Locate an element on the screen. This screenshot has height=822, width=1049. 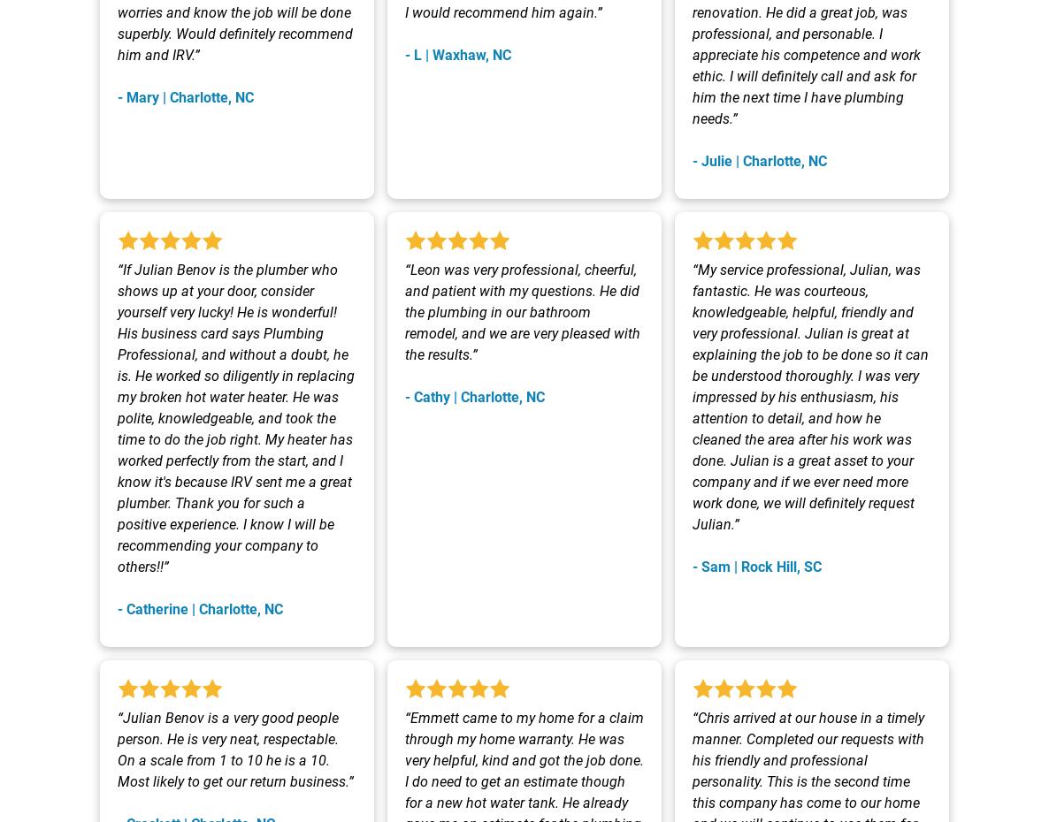
'- L | Waxhaw, NC' is located at coordinates (405, 54).